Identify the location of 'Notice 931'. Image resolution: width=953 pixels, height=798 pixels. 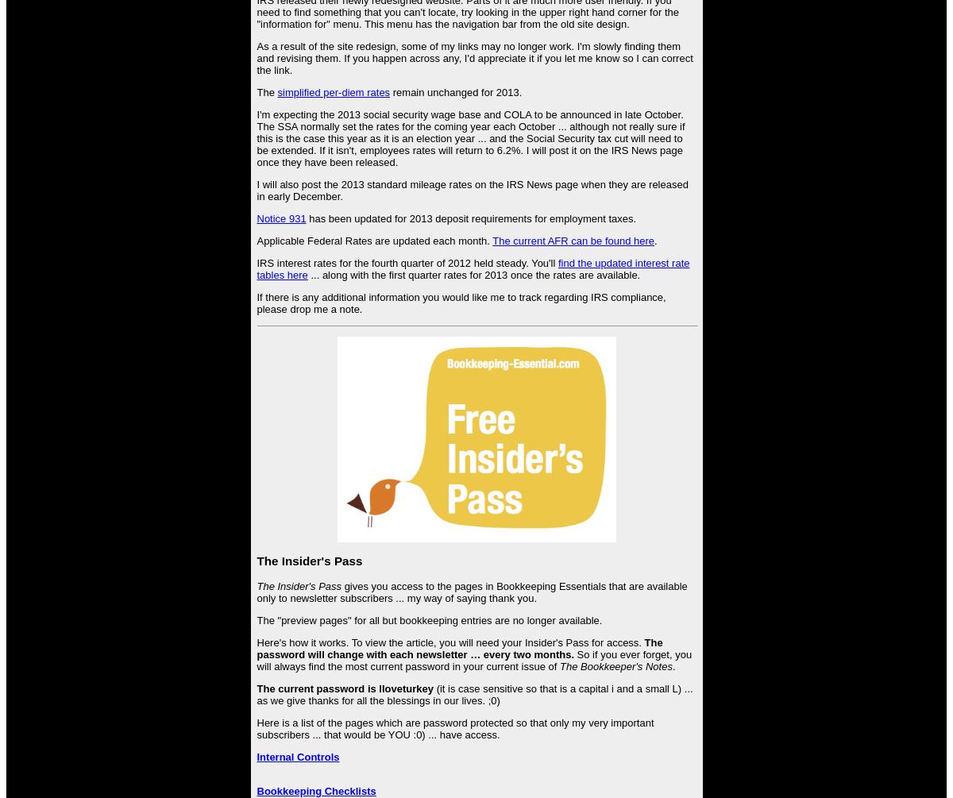
(281, 218).